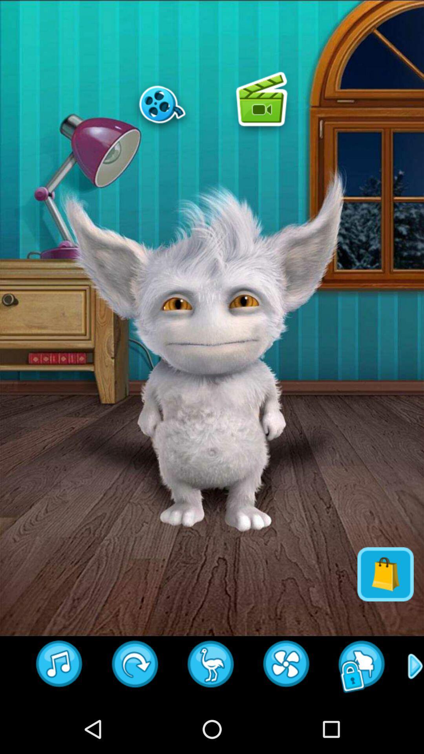  I want to click on refresh page, so click(135, 666).